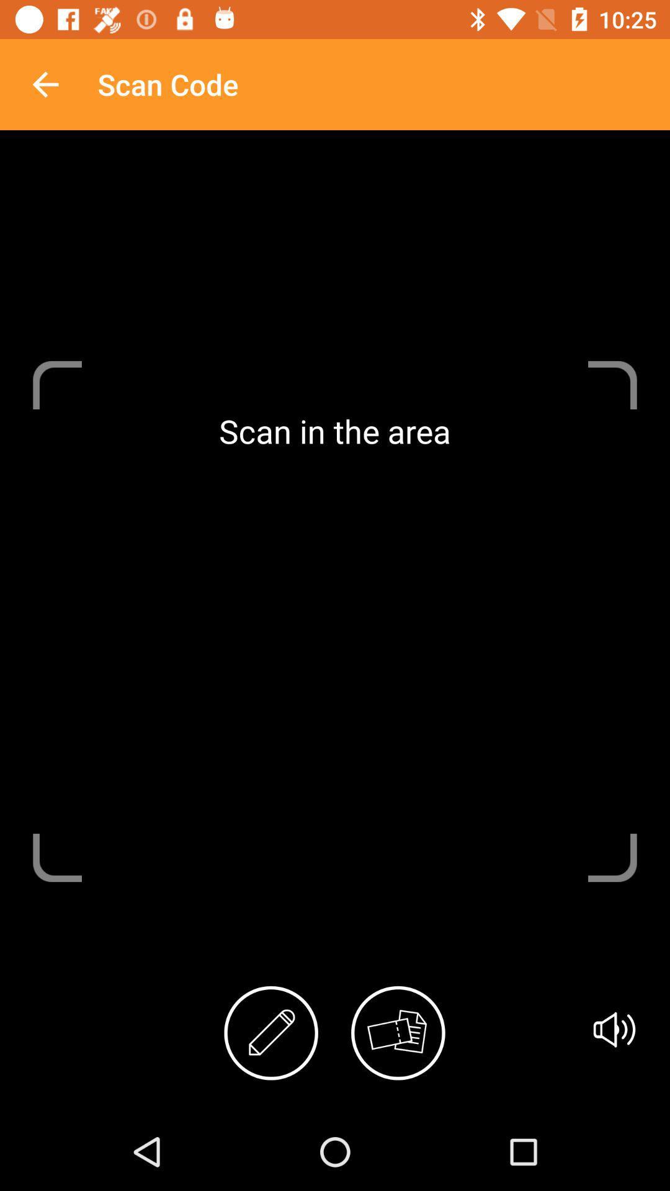 Image resolution: width=670 pixels, height=1191 pixels. I want to click on app to the left of scan code icon, so click(45, 84).